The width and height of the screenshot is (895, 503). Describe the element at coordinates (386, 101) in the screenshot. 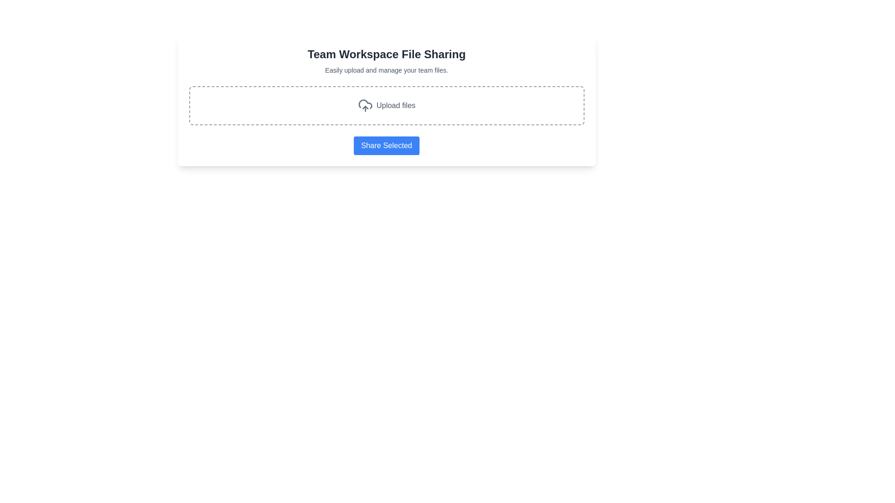

I see `header and instructions from the panel titled 'Team Workspace File Sharing' which contains an upload area and a button for sharing files` at that location.